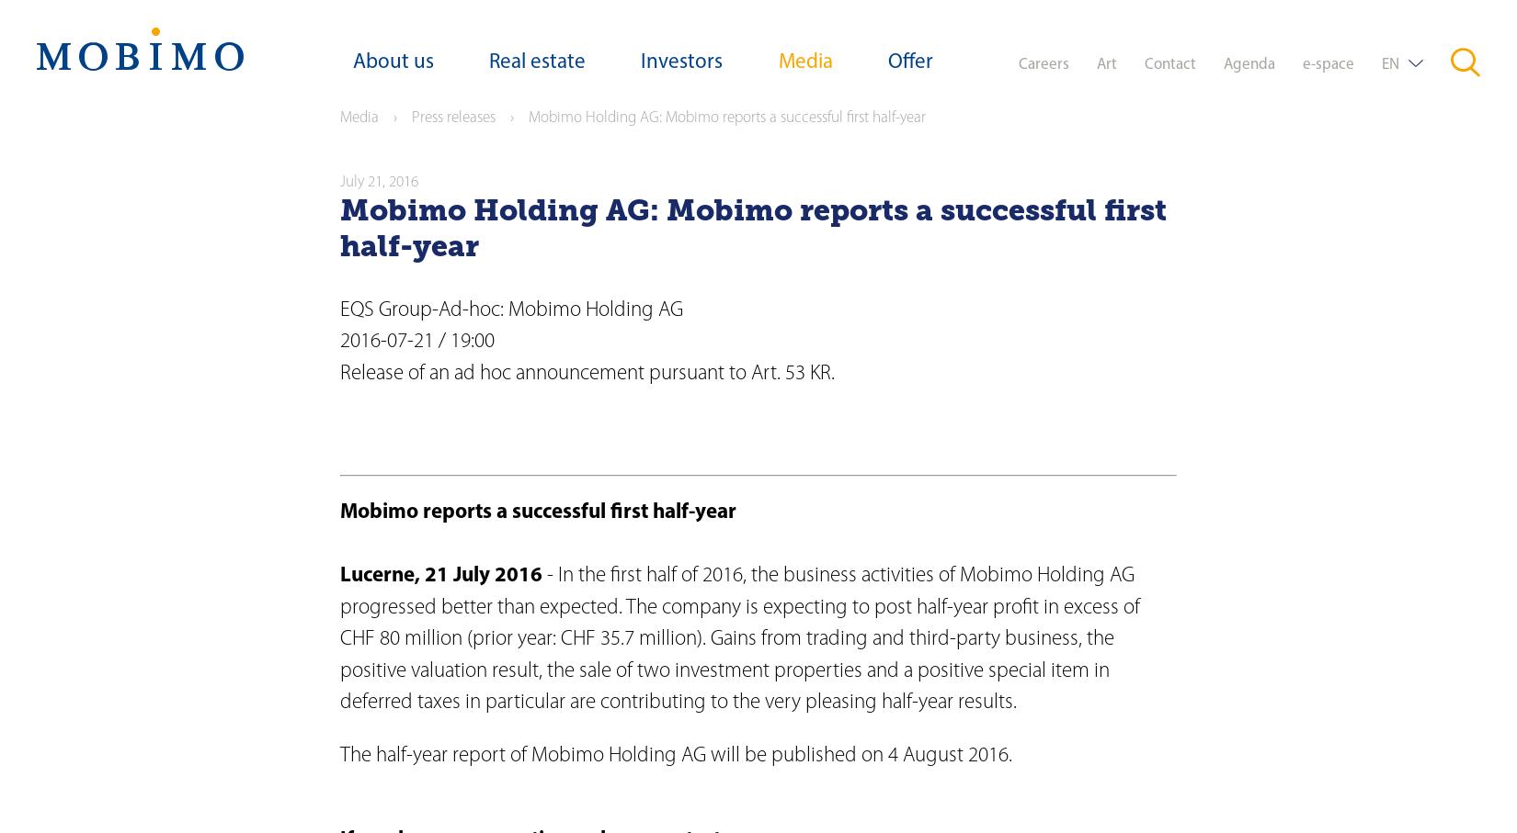 The width and height of the screenshot is (1517, 833). Describe the element at coordinates (1017, 64) in the screenshot. I see `'Careers'` at that location.